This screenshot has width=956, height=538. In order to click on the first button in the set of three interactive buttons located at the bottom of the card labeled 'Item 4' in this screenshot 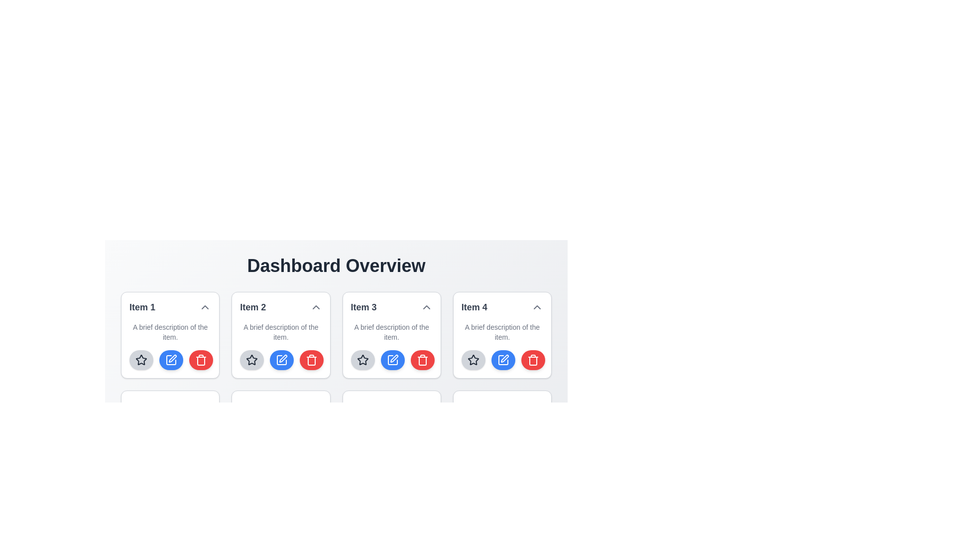, I will do `click(473, 360)`.